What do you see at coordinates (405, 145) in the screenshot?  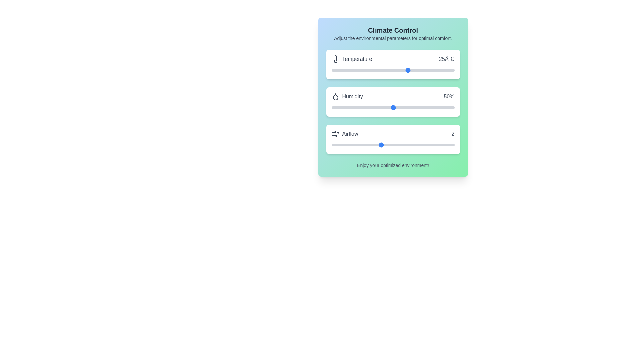 I see `the Airflow slider to 3` at bounding box center [405, 145].